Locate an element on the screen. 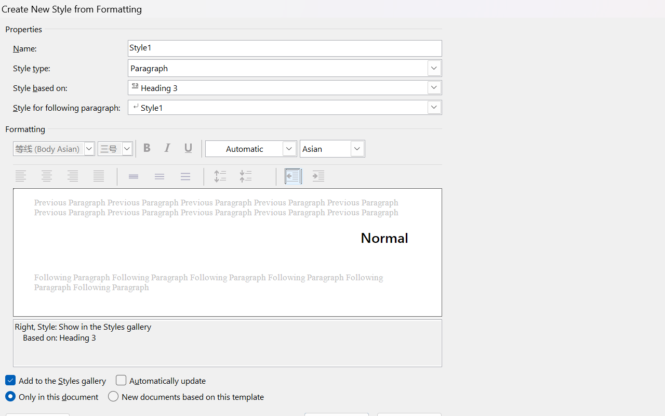 Image resolution: width=665 pixels, height=416 pixels. 'RichEdit Control' is located at coordinates (285, 48).